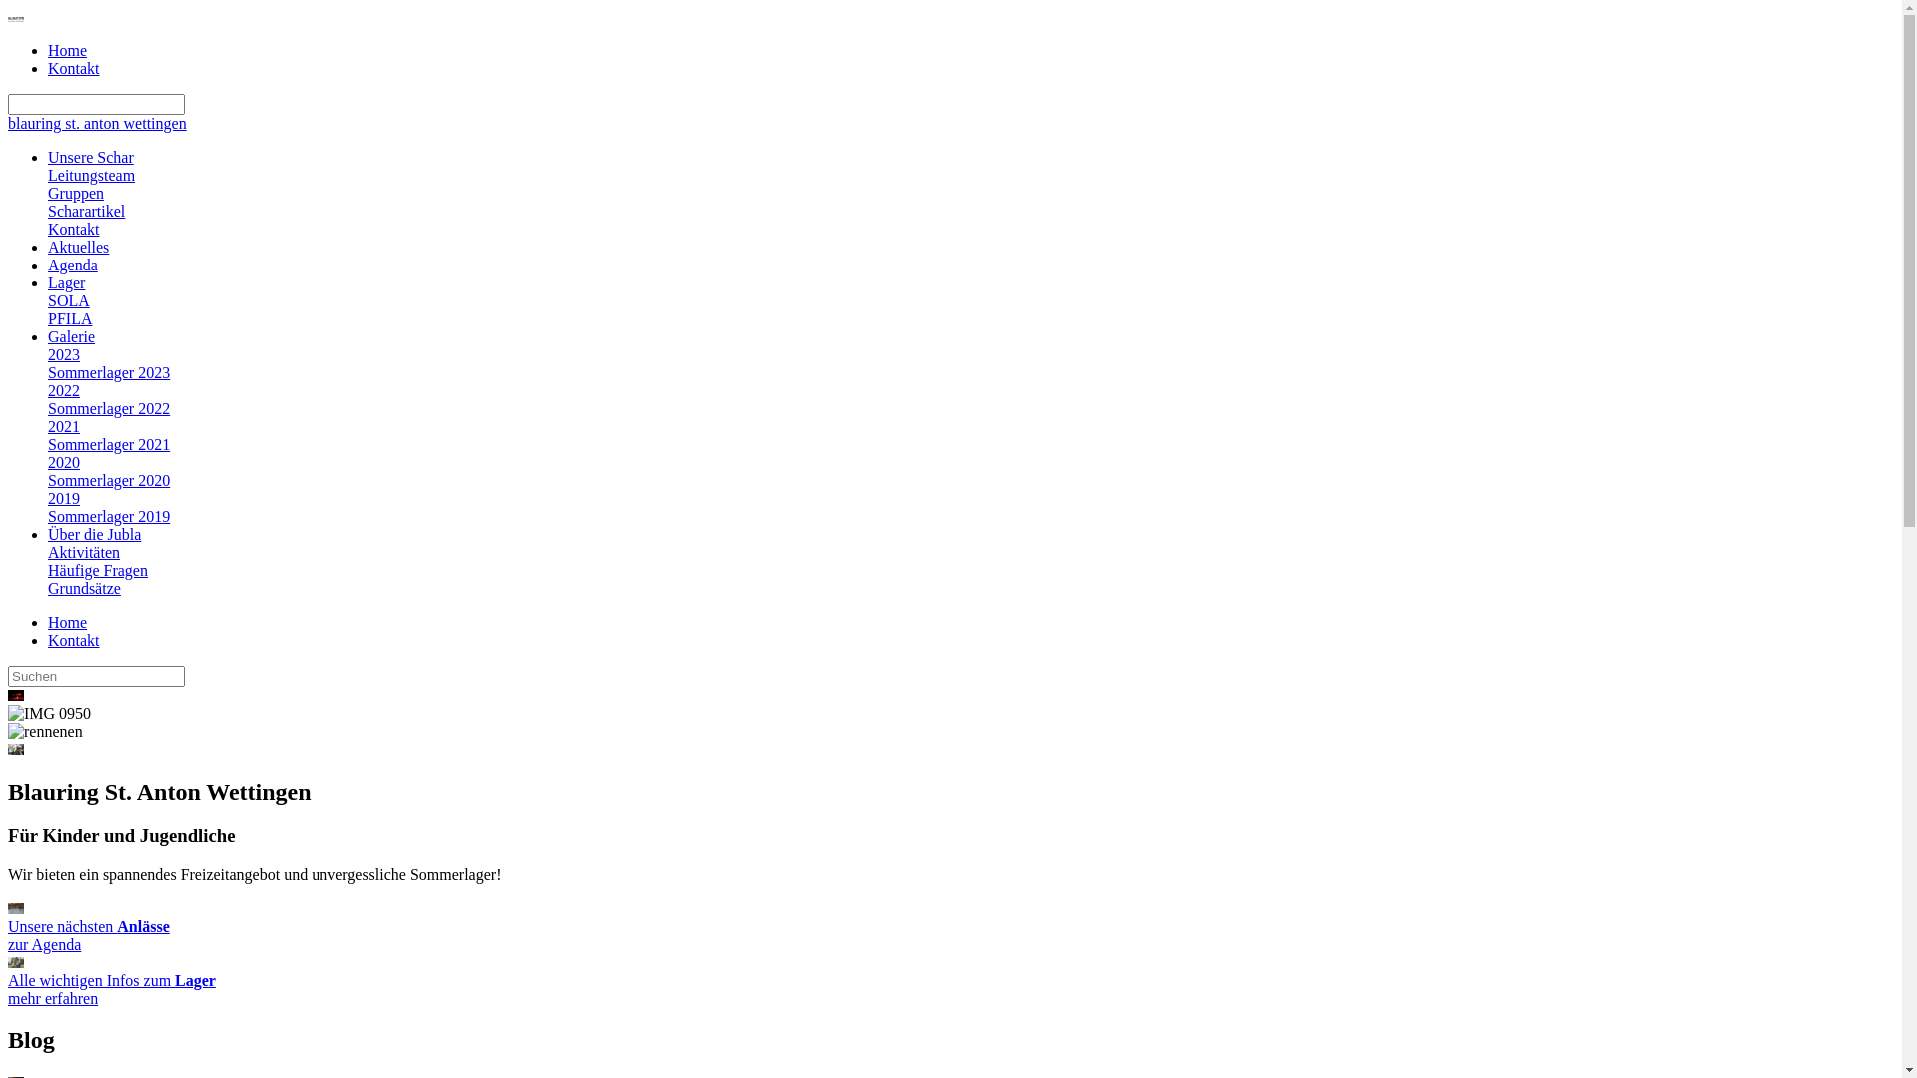 This screenshot has width=1917, height=1078. Describe the element at coordinates (63, 462) in the screenshot. I see `'2020'` at that location.